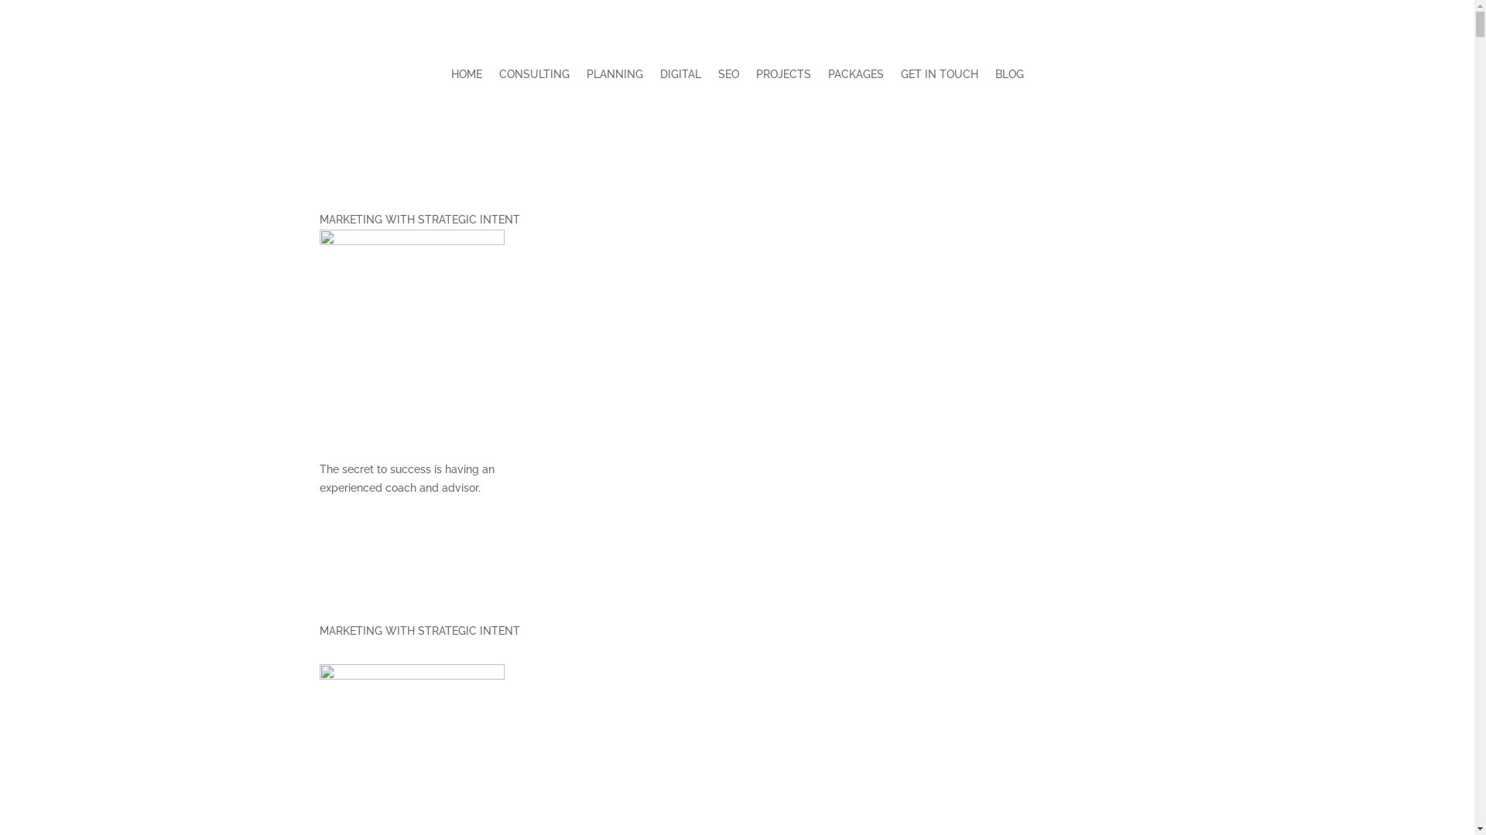 The height and width of the screenshot is (835, 1486). I want to click on 'SEO', so click(728, 77).